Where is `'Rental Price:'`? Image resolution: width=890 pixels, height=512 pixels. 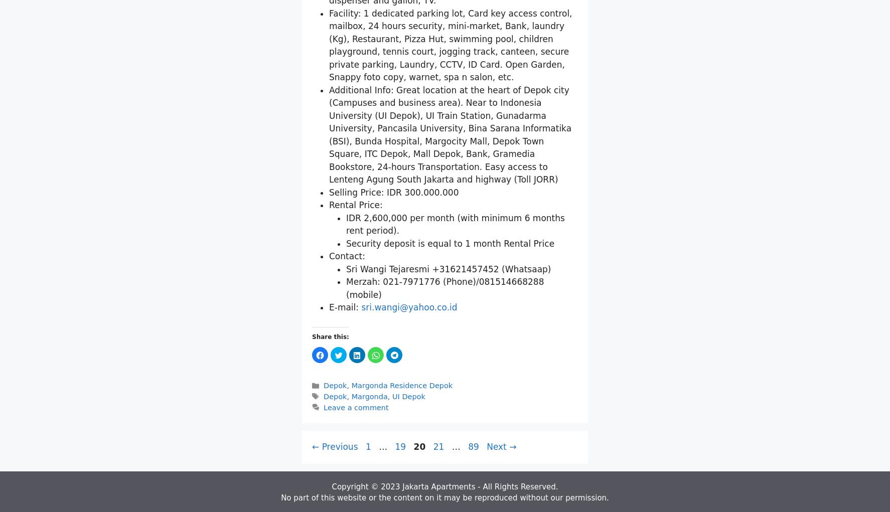
'Rental Price:' is located at coordinates (356, 321).